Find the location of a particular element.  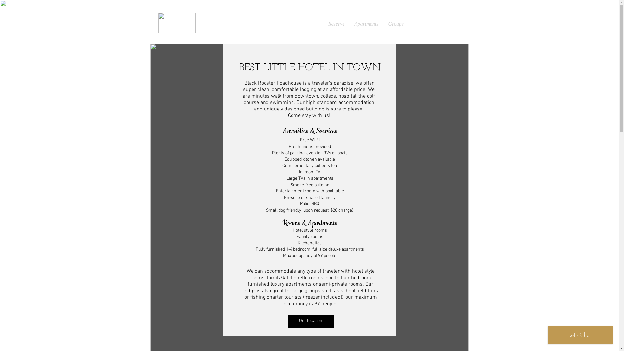

'Reserve' is located at coordinates (336, 23).